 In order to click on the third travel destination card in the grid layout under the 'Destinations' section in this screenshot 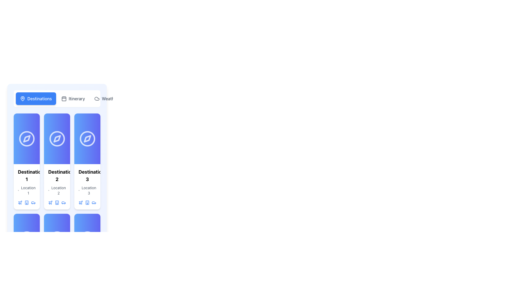, I will do `click(87, 161)`.